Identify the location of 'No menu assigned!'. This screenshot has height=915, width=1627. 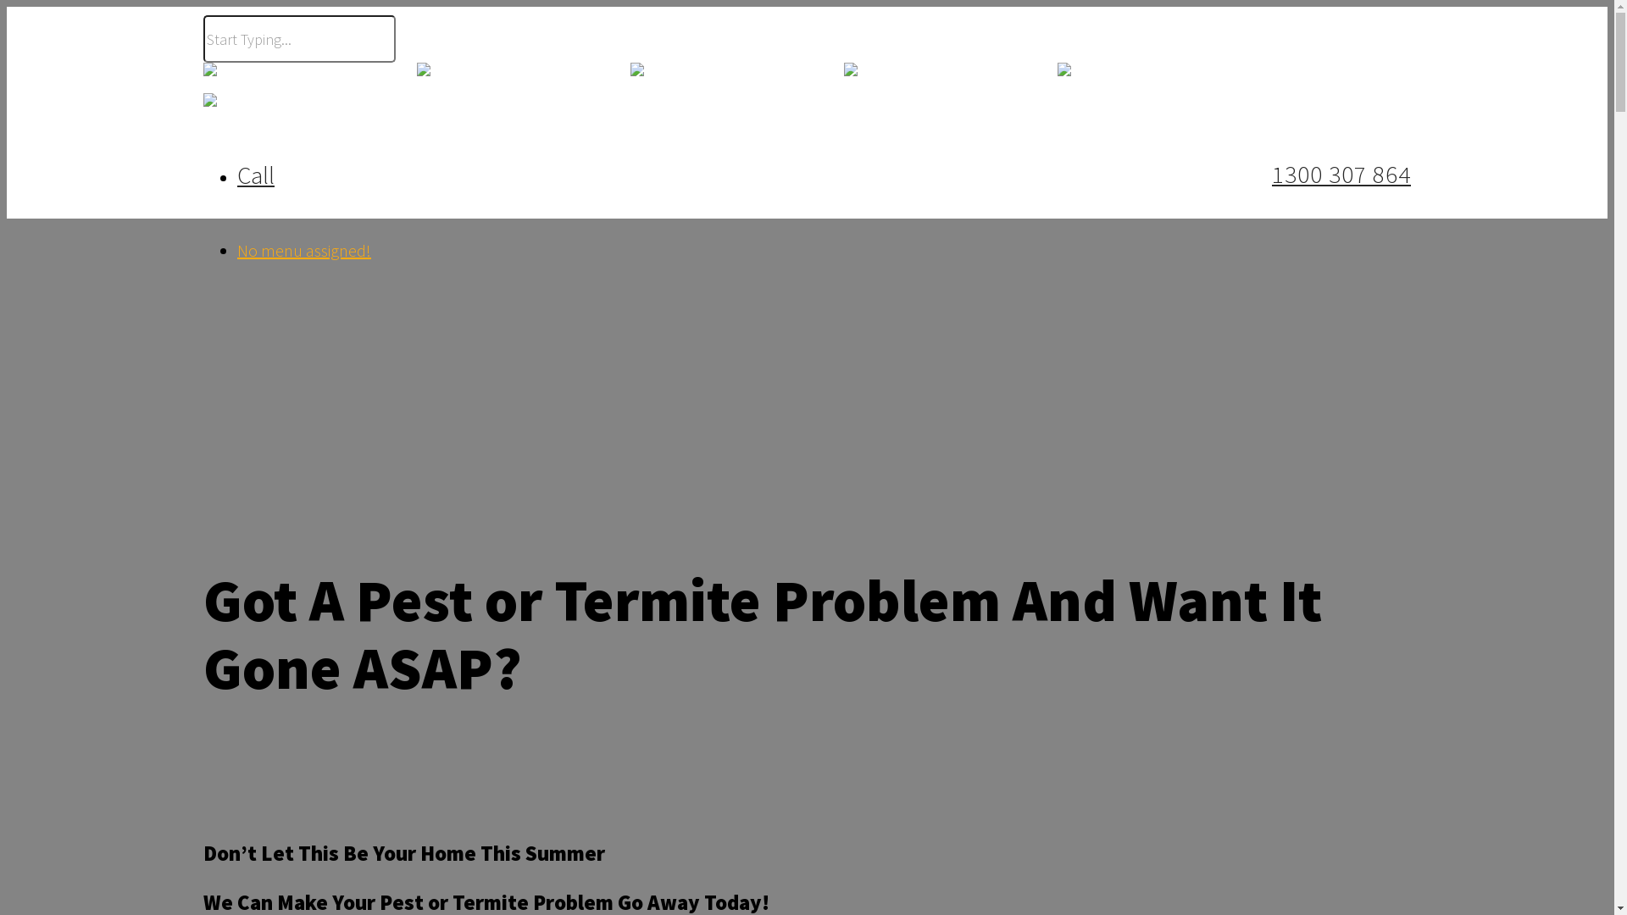
(304, 250).